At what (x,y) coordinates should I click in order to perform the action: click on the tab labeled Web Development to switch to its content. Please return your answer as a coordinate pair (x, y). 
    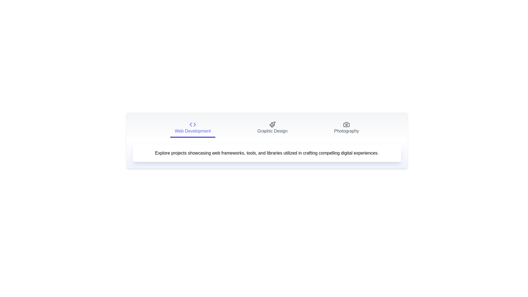
    Looking at the image, I should click on (193, 128).